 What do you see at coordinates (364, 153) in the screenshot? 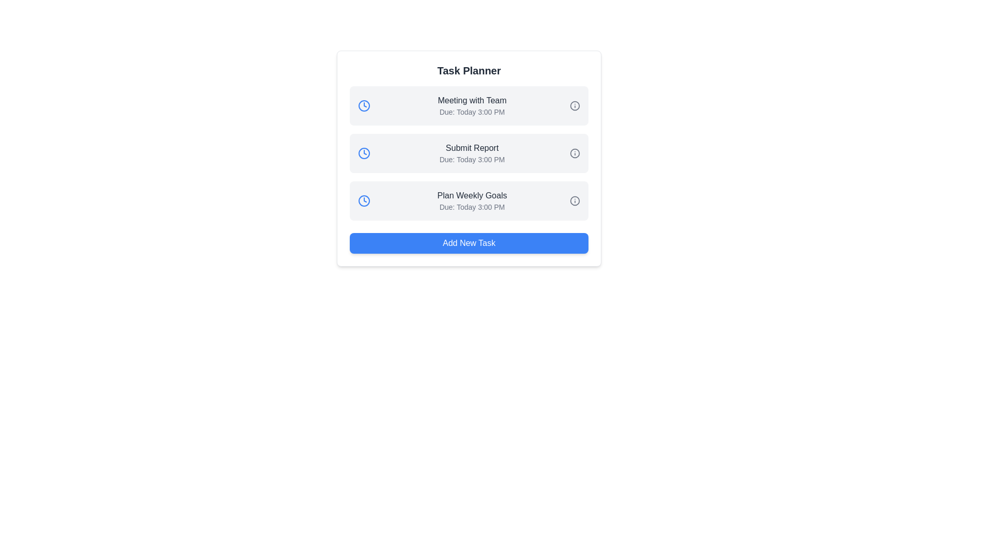
I see `the time-related task icon that indicates the due time of 'Today 3:00 PM' for the 'Submit Report' task, located to the left of the 'Submit Report' text` at bounding box center [364, 153].